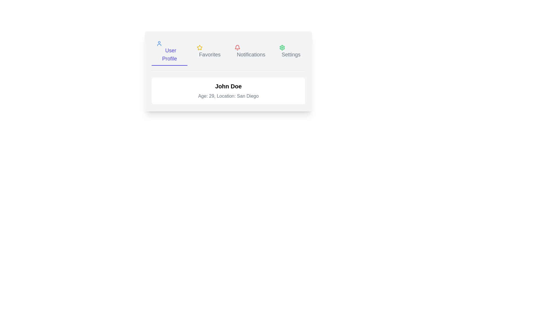  What do you see at coordinates (290, 51) in the screenshot?
I see `the 'Settings' button, which is the fourth item on the rightmost side of the navigation bar` at bounding box center [290, 51].